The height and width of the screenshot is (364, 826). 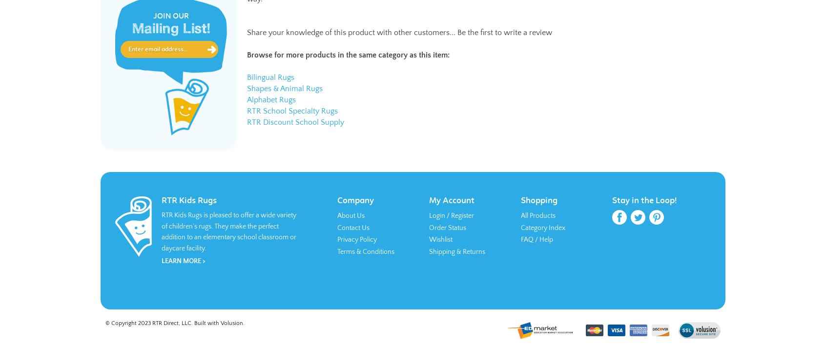 I want to click on 'All Products', so click(x=537, y=215).